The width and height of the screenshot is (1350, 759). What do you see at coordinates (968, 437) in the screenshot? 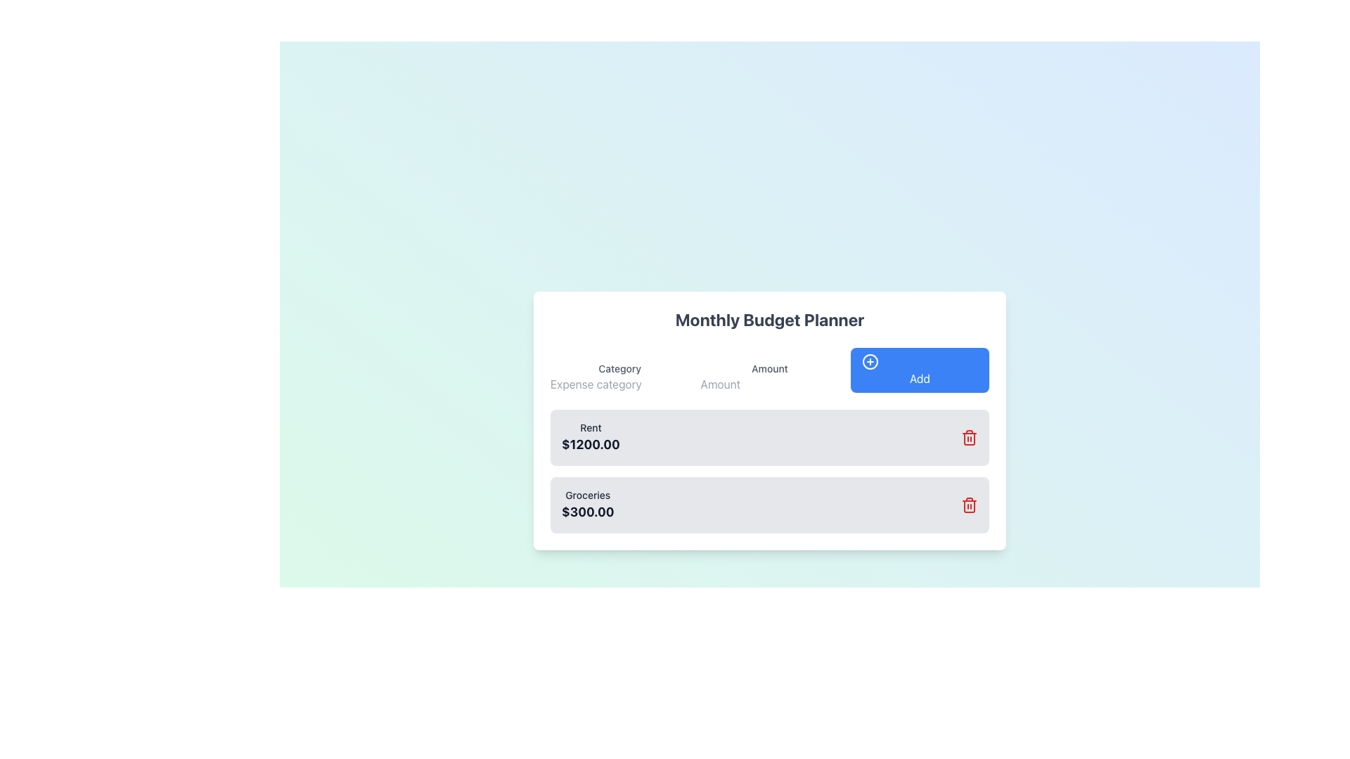
I see `the delete button for the budget entry 'Rent $1200.00' in the Monthly Budget Planner to possibly see a tooltip` at bounding box center [968, 437].